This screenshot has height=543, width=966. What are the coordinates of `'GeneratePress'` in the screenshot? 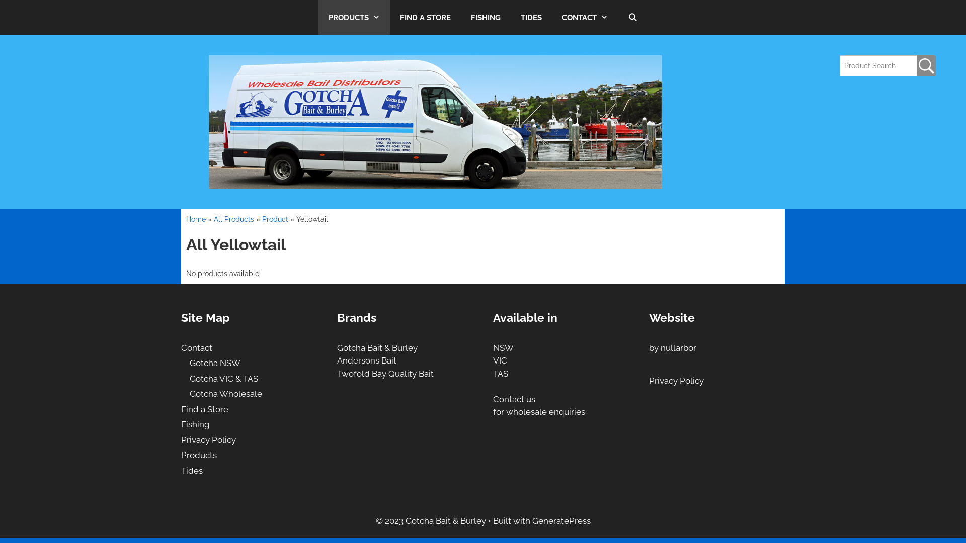 It's located at (561, 520).